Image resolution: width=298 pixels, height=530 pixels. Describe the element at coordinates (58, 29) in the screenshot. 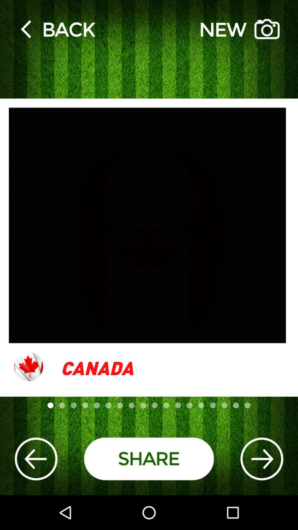

I see `go back` at that location.